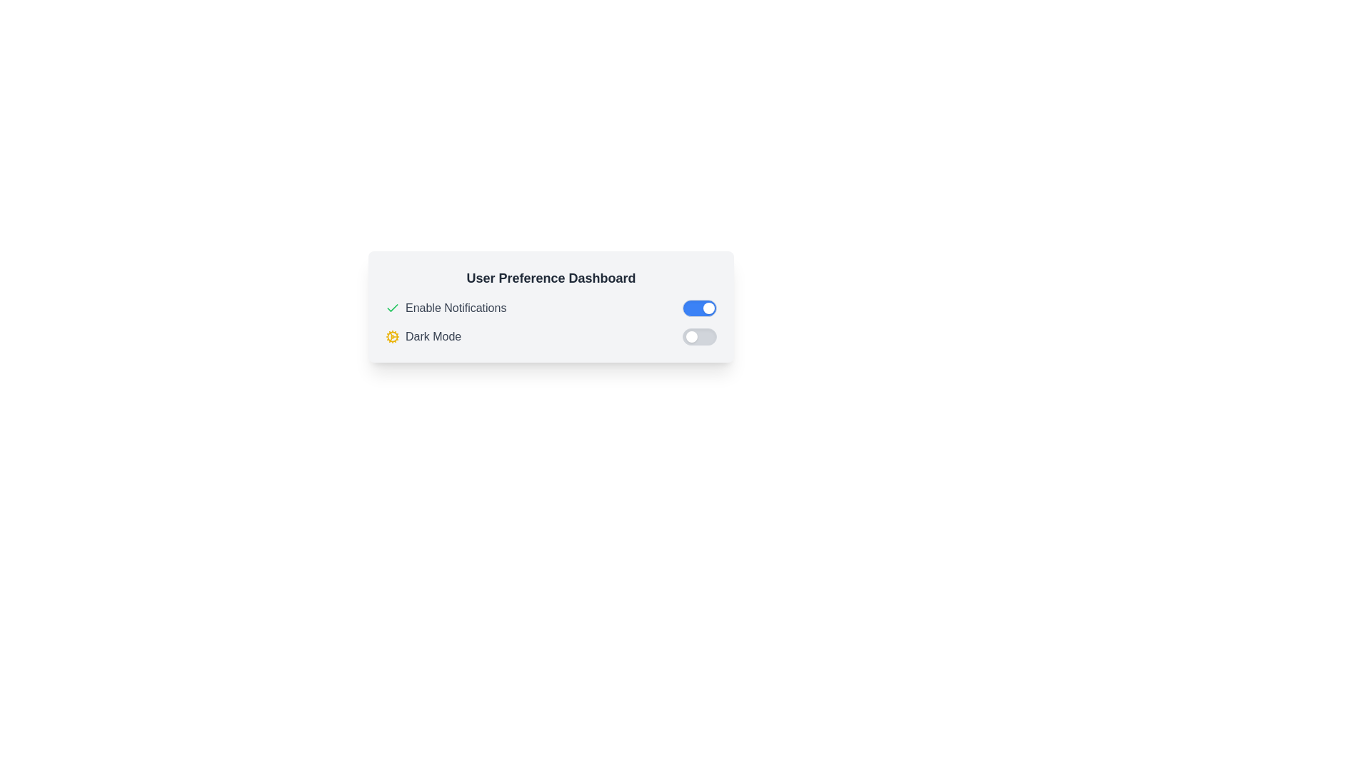 The width and height of the screenshot is (1371, 771). What do you see at coordinates (393, 336) in the screenshot?
I see `the circular yellow icon representing settings in the User Preference Dashboard, located at the top-right side of the card` at bounding box center [393, 336].